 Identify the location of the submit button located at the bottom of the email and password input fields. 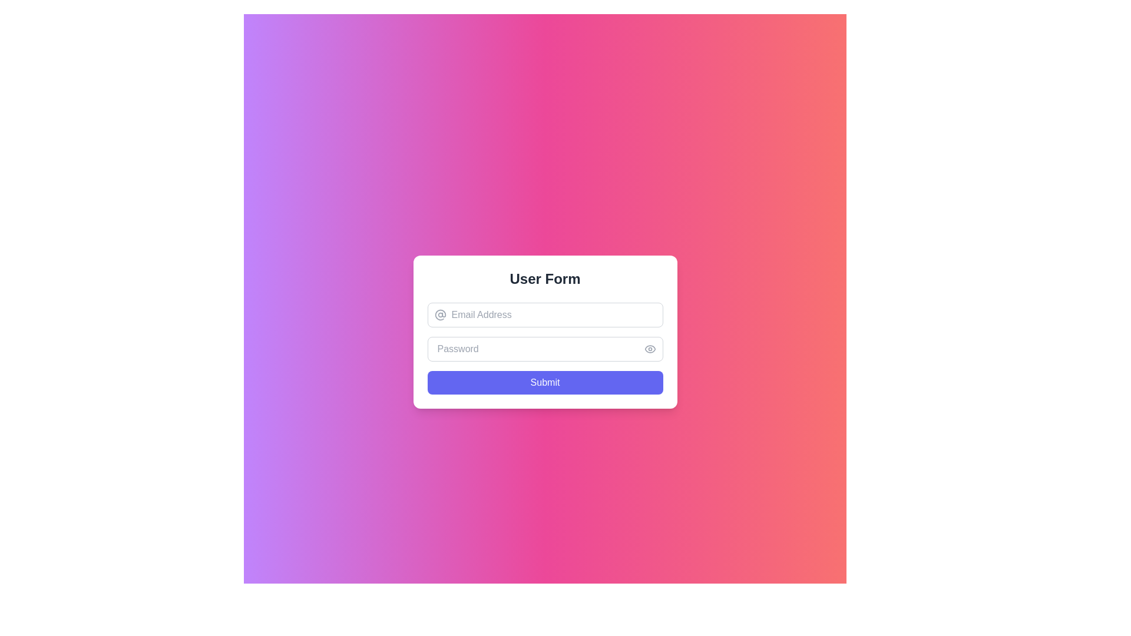
(544, 383).